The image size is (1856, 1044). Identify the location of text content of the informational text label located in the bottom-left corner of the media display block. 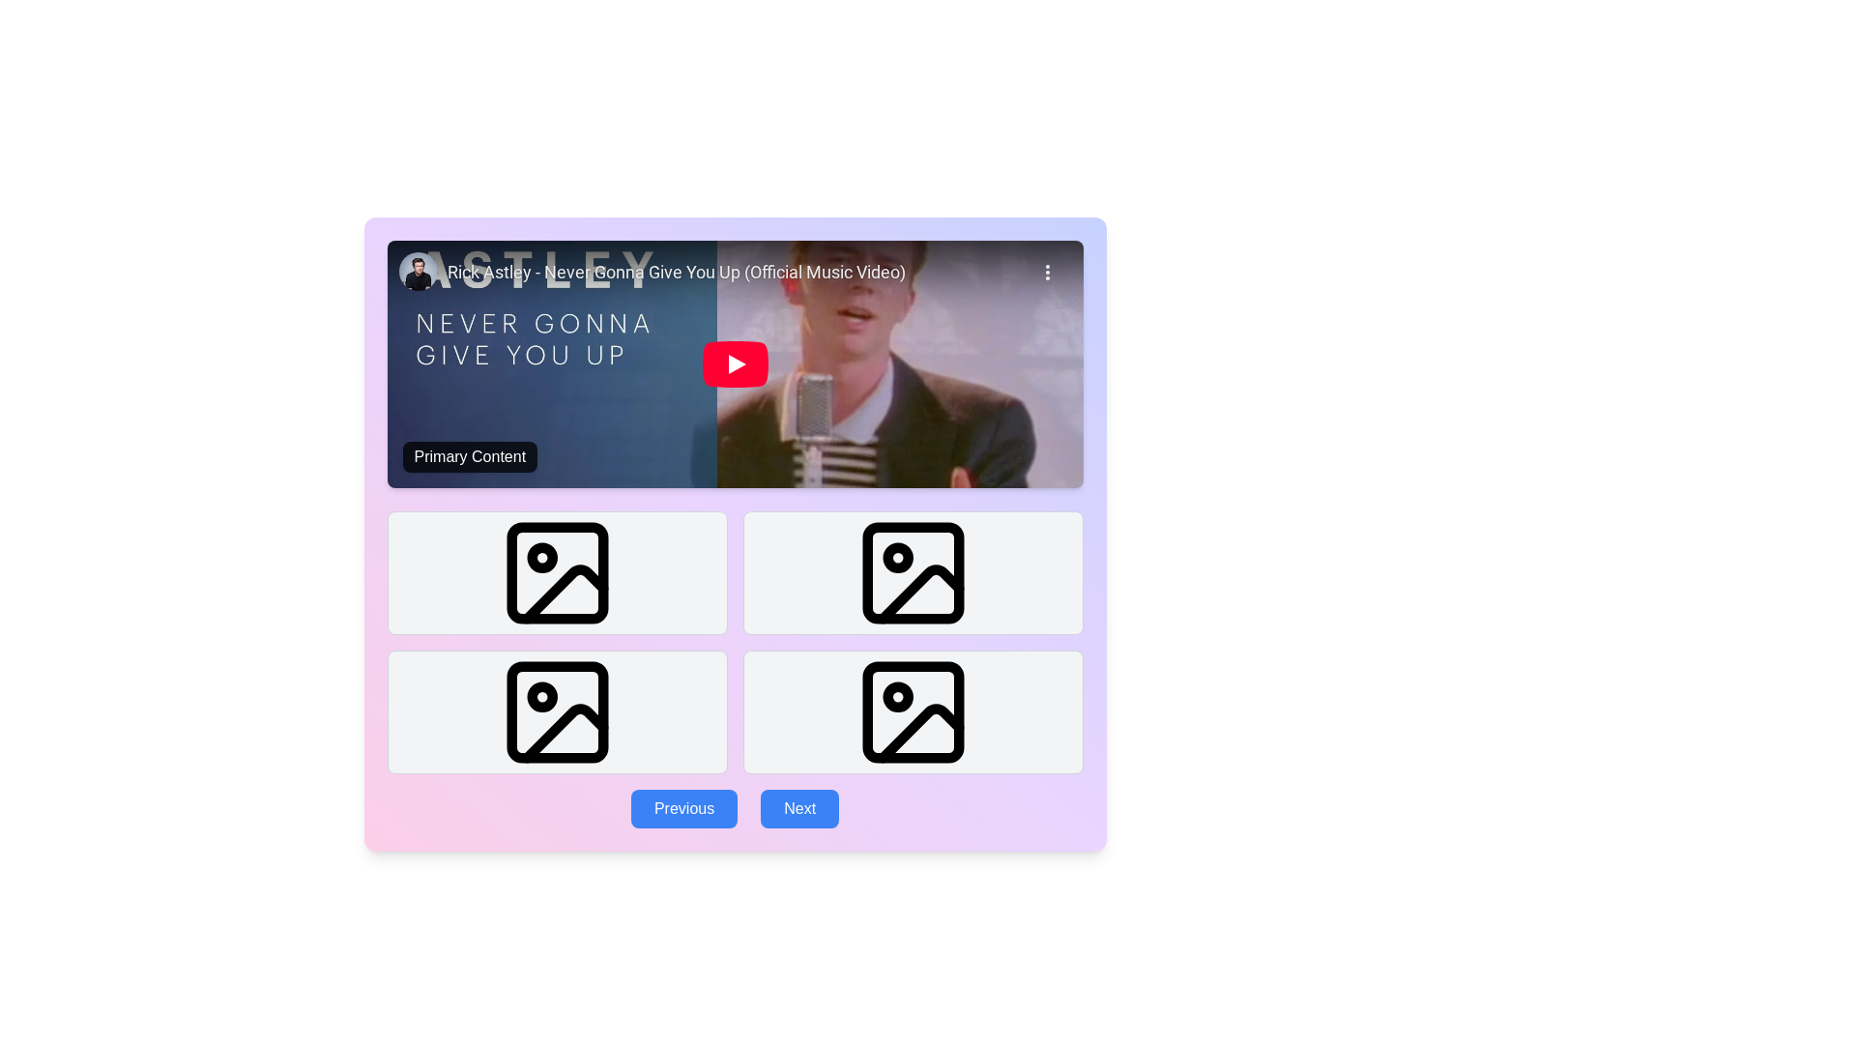
(470, 457).